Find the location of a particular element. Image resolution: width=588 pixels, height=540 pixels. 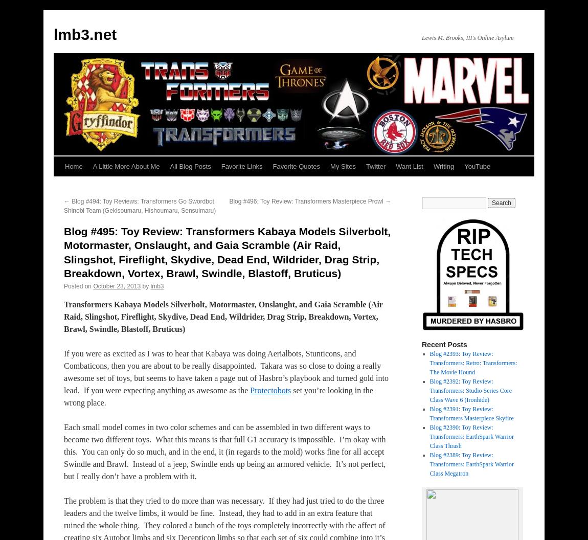

'by' is located at coordinates (145, 286).